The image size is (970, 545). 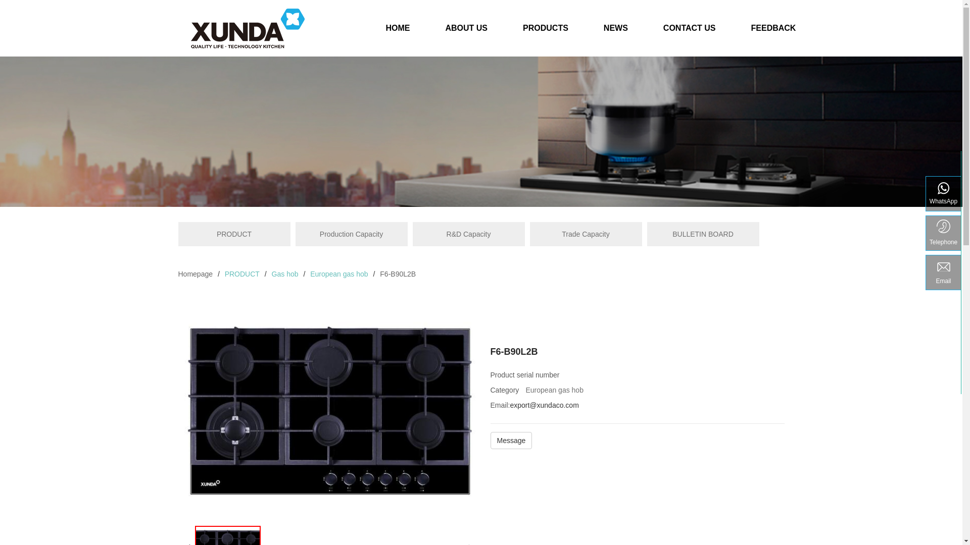 What do you see at coordinates (511, 442) in the screenshot?
I see `'Message'` at bounding box center [511, 442].